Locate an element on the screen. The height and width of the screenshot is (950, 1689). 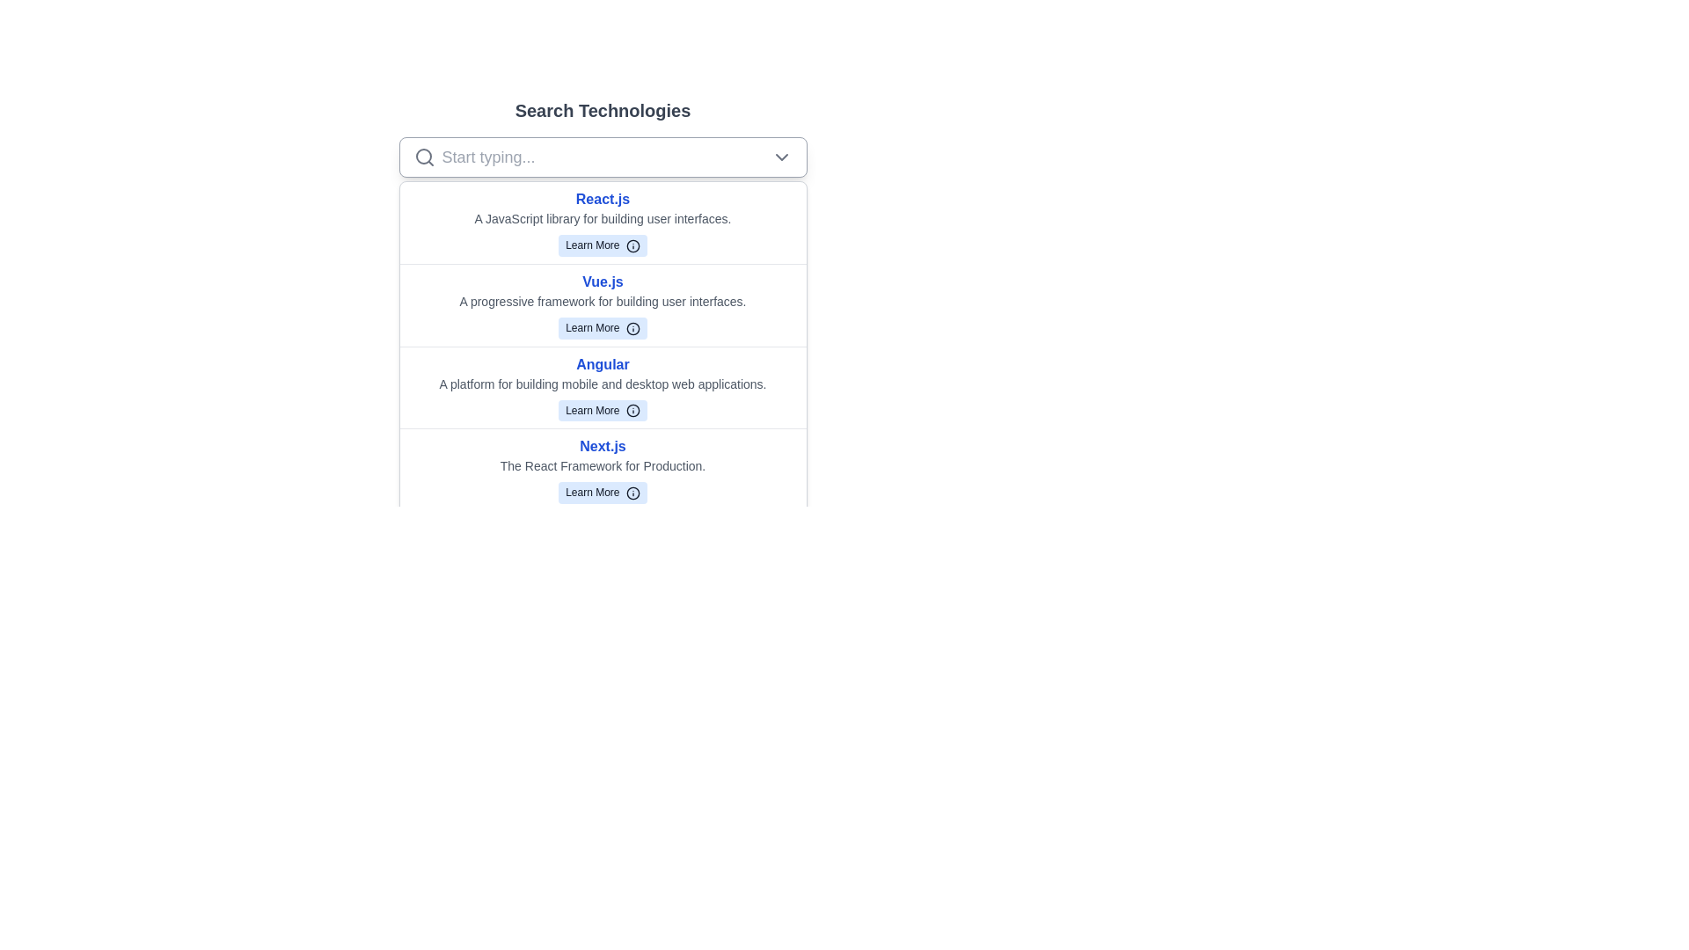
the 'Learn More' button, which is a light blue rounded rectangle with an information icon next to it, located below the text 'React.js' and 'A JavaScript library for building user interfaces.' is located at coordinates (603, 245).